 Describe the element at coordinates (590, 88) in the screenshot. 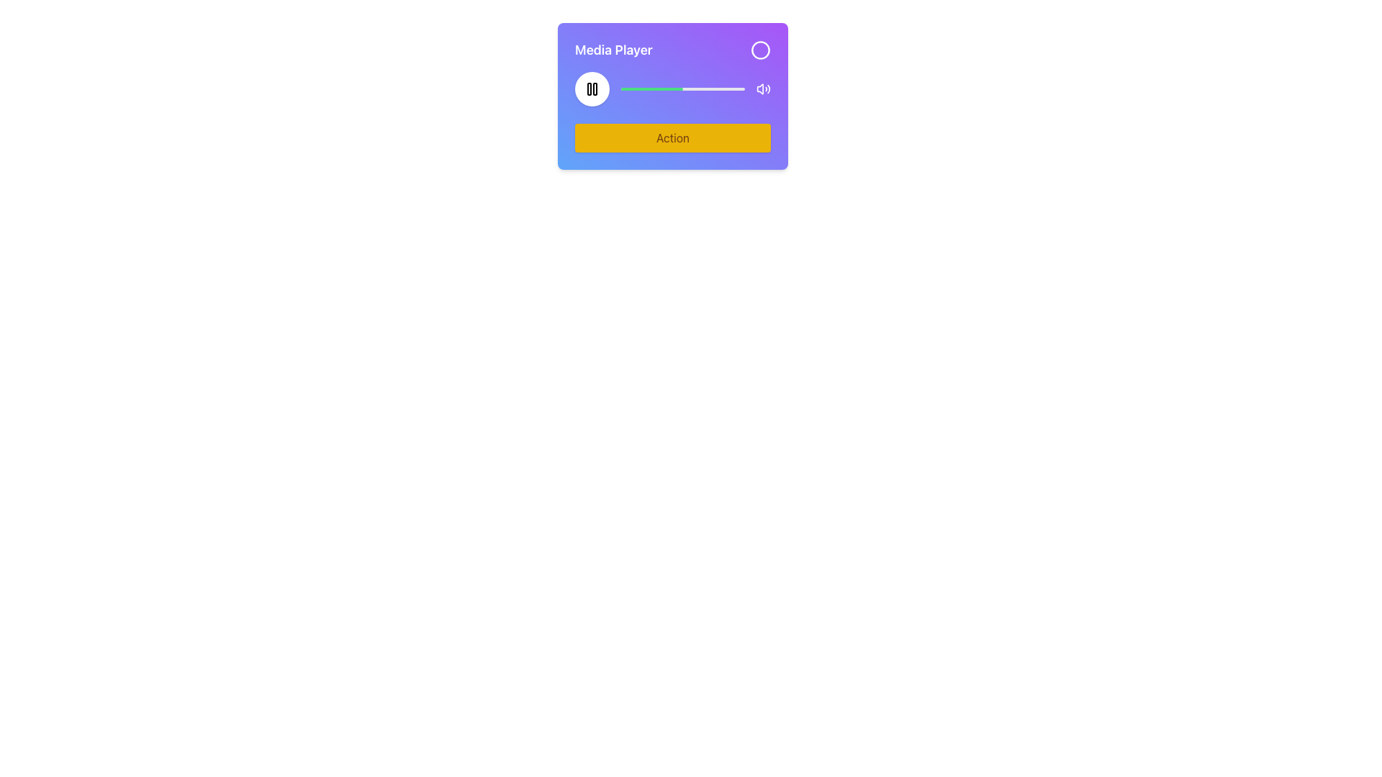

I see `the left bar of the pause icon, which is represented by an SVG Rectangle located towards the top-right of the media player interface` at that location.